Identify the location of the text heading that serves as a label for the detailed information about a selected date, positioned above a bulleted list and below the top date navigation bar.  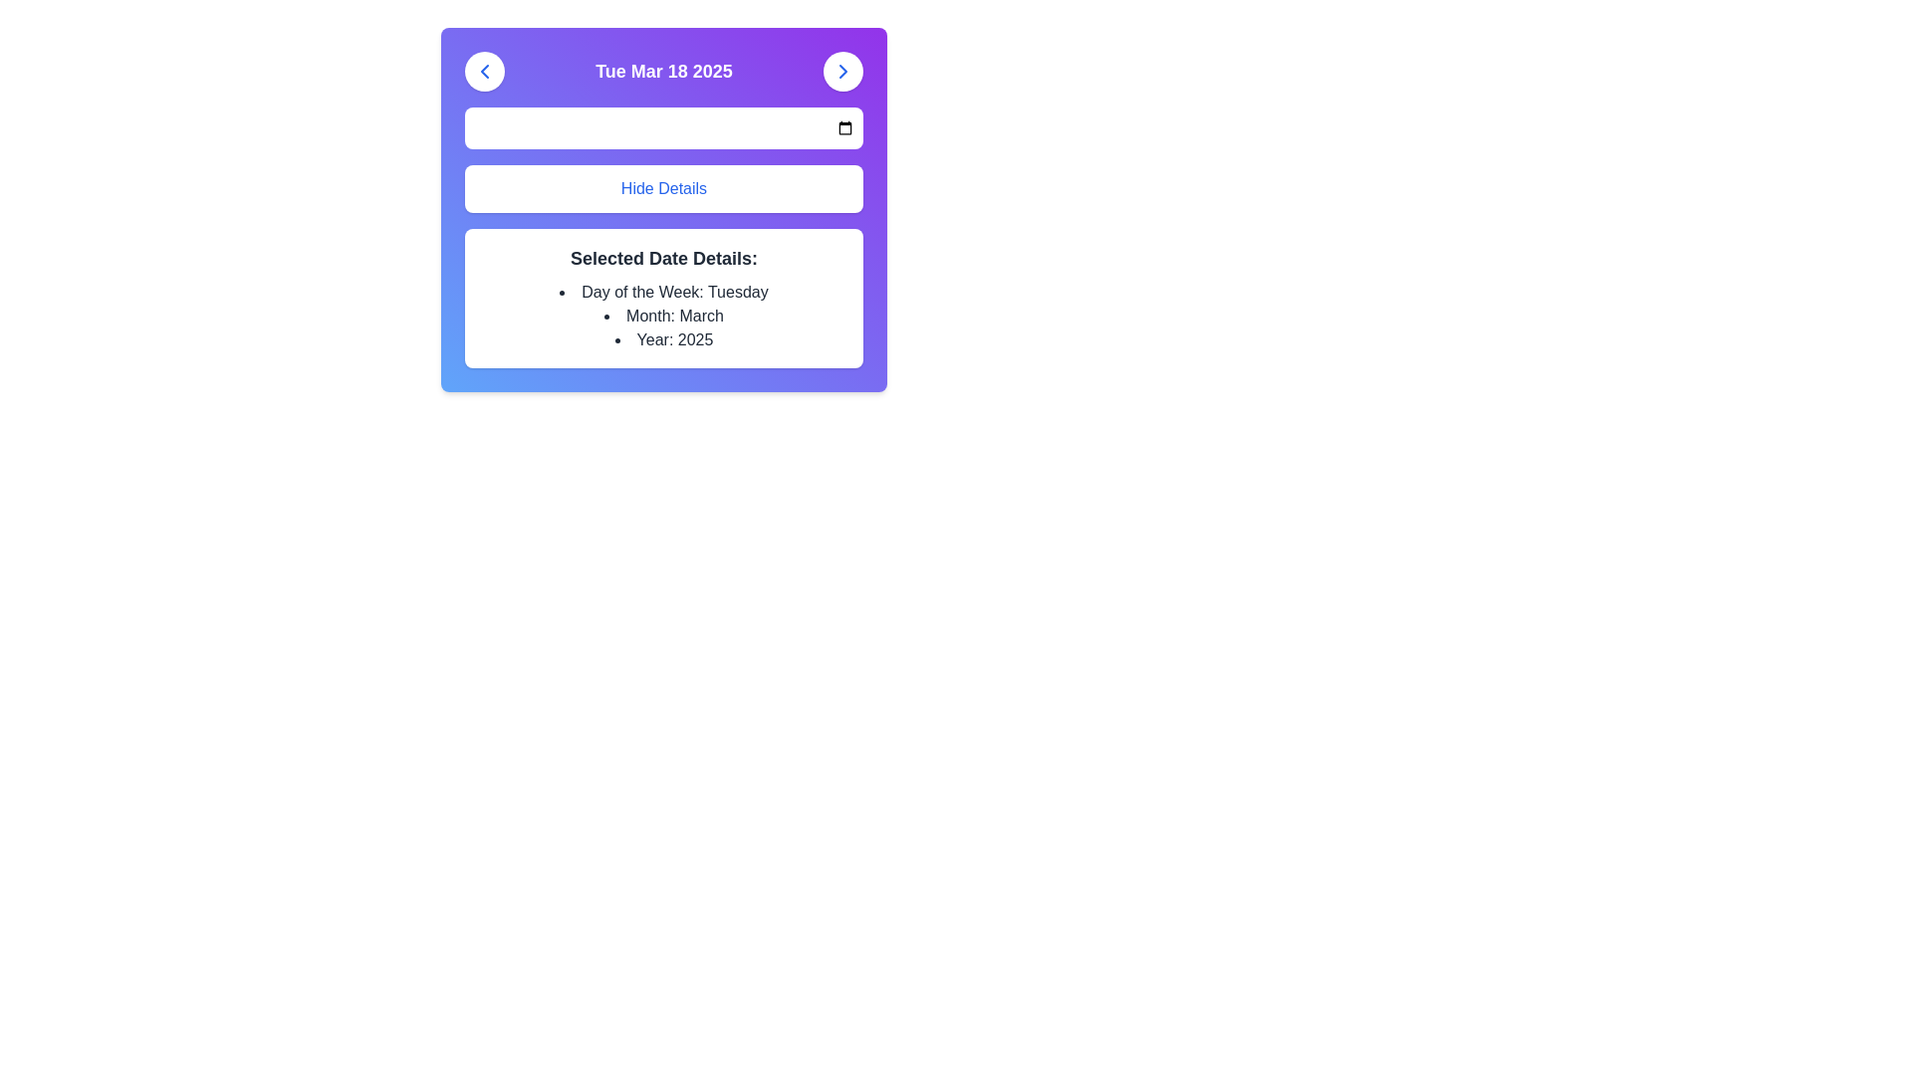
(664, 257).